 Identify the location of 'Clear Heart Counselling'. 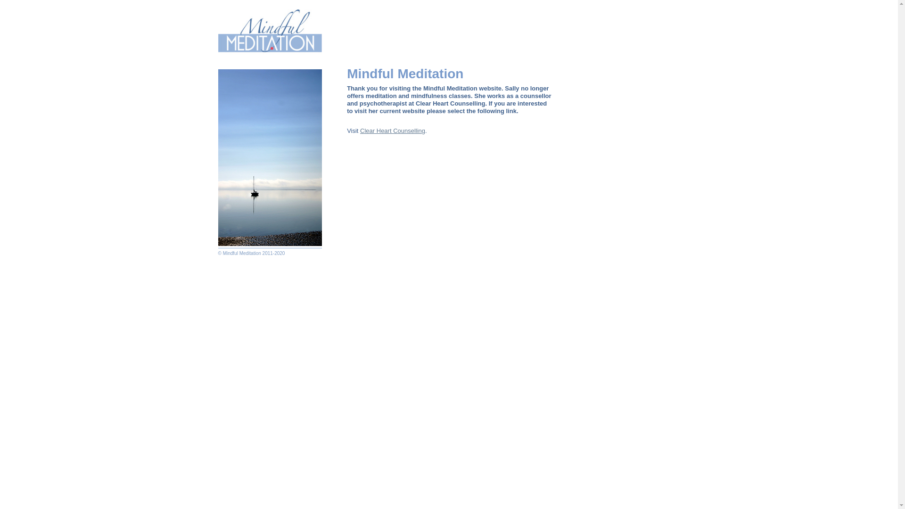
(359, 131).